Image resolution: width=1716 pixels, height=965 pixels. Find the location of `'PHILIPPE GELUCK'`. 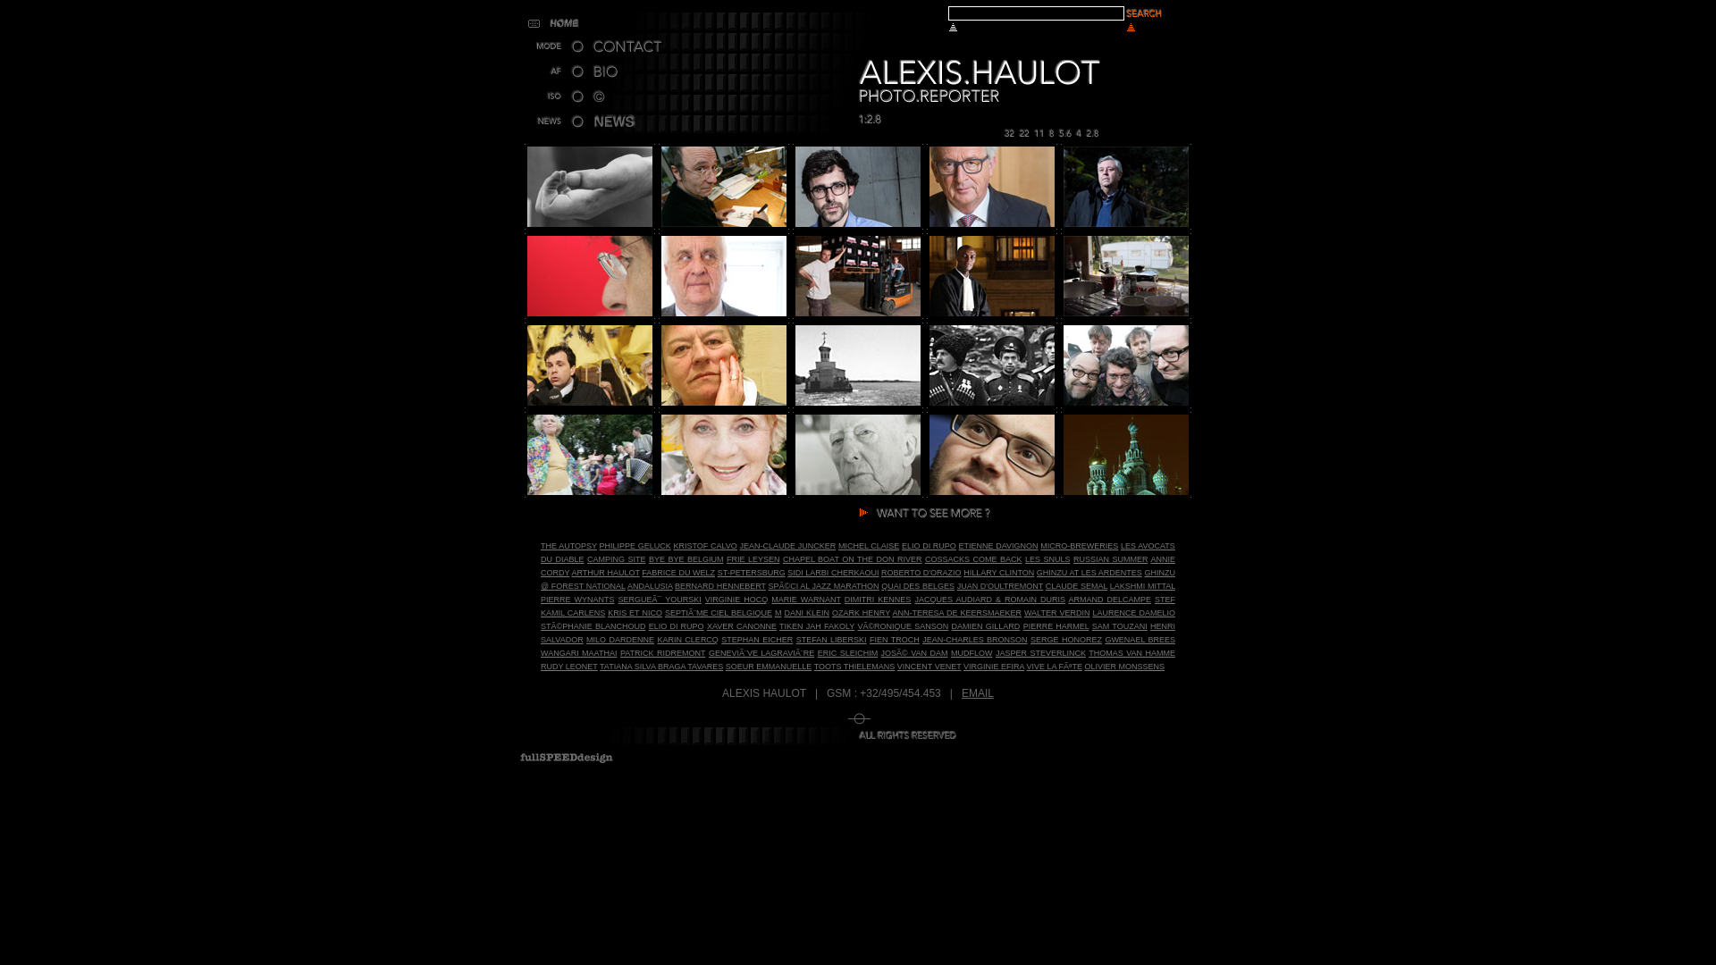

'PHILIPPE GELUCK' is located at coordinates (635, 544).